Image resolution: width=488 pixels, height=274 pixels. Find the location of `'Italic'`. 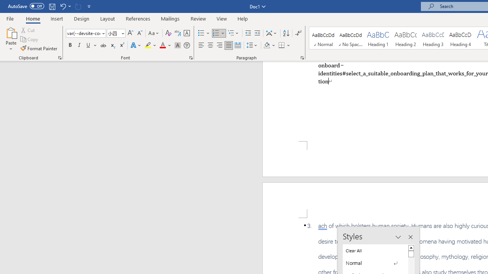

'Italic' is located at coordinates (79, 45).